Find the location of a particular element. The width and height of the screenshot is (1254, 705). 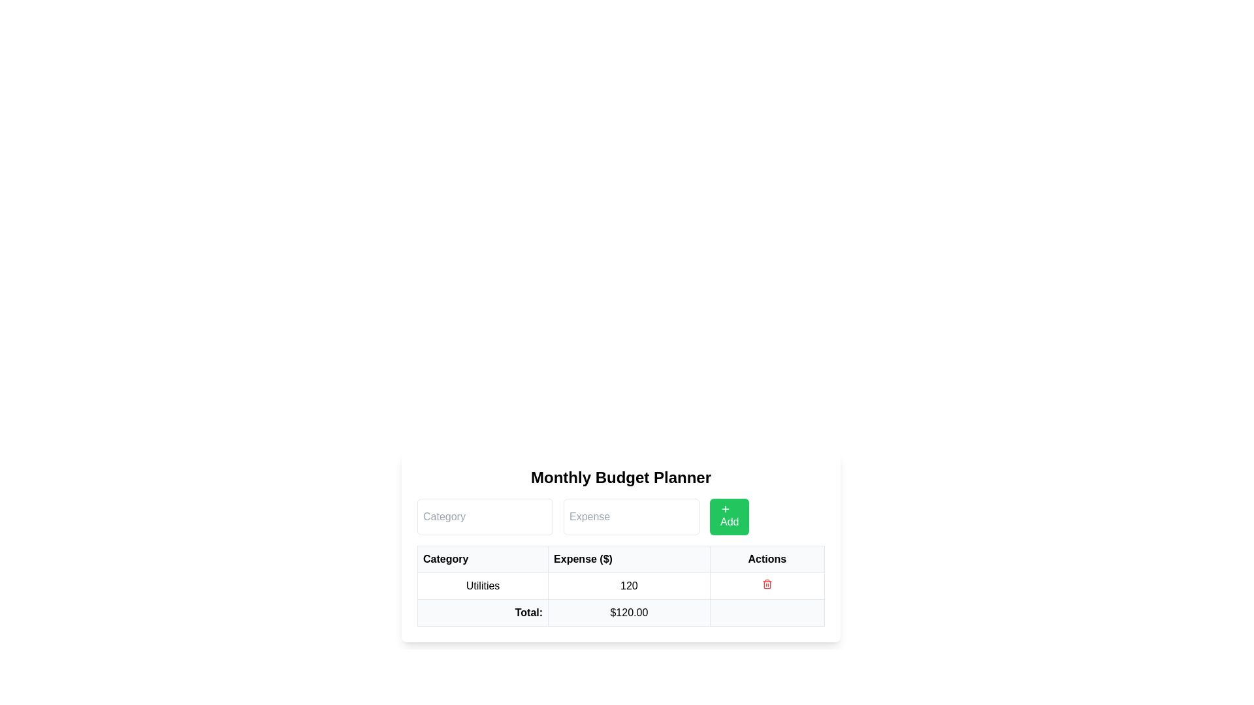

the rectangular placeholder in the 'Actions' column of the 'Total' row in the 'Monthly Budget Planner' interface, located at the bottom-right corner of the table is located at coordinates (767, 612).